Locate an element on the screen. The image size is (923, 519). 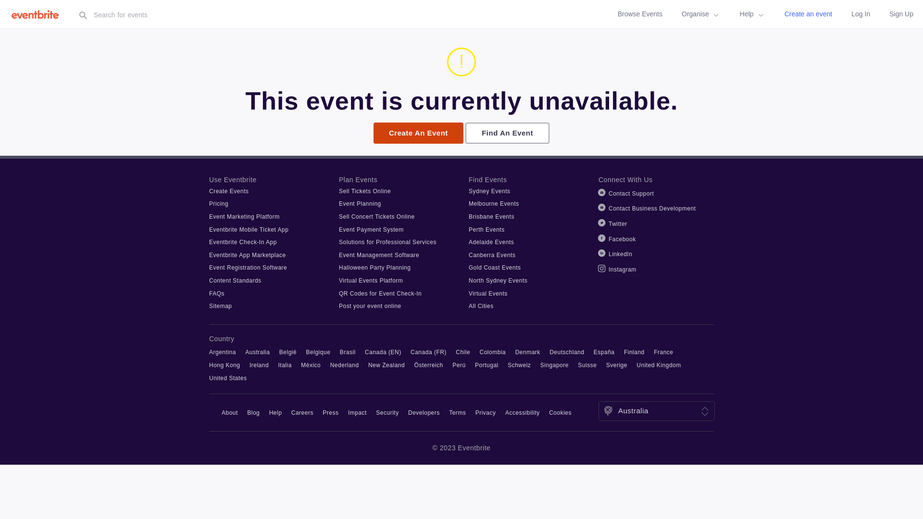
'Brasil' is located at coordinates (339, 352).